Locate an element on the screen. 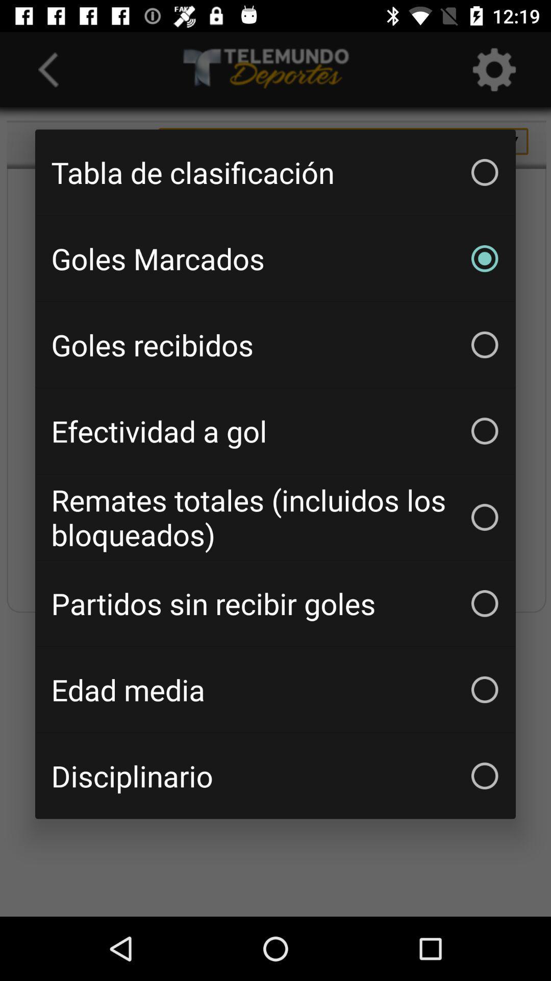 Image resolution: width=551 pixels, height=981 pixels. the icon below the goles marcados is located at coordinates (275, 345).